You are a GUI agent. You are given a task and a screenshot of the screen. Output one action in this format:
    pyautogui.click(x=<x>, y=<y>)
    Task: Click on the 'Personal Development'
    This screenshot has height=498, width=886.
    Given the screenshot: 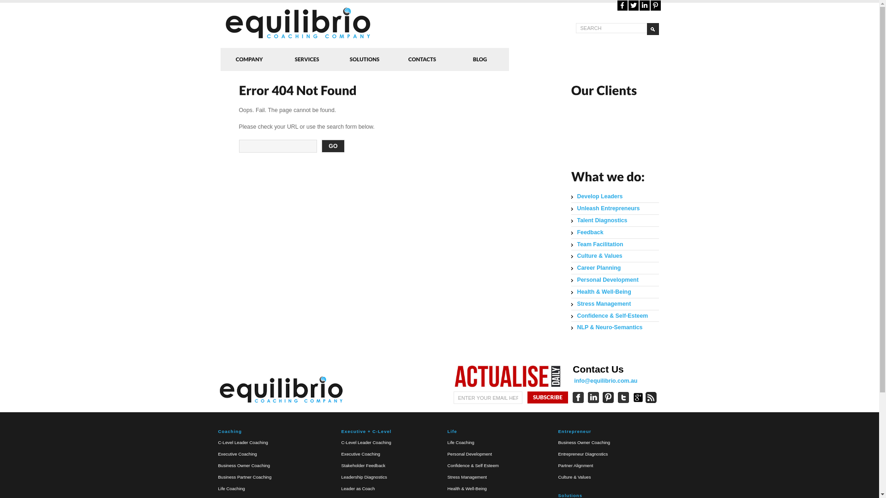 What is the action you would take?
    pyautogui.click(x=606, y=279)
    